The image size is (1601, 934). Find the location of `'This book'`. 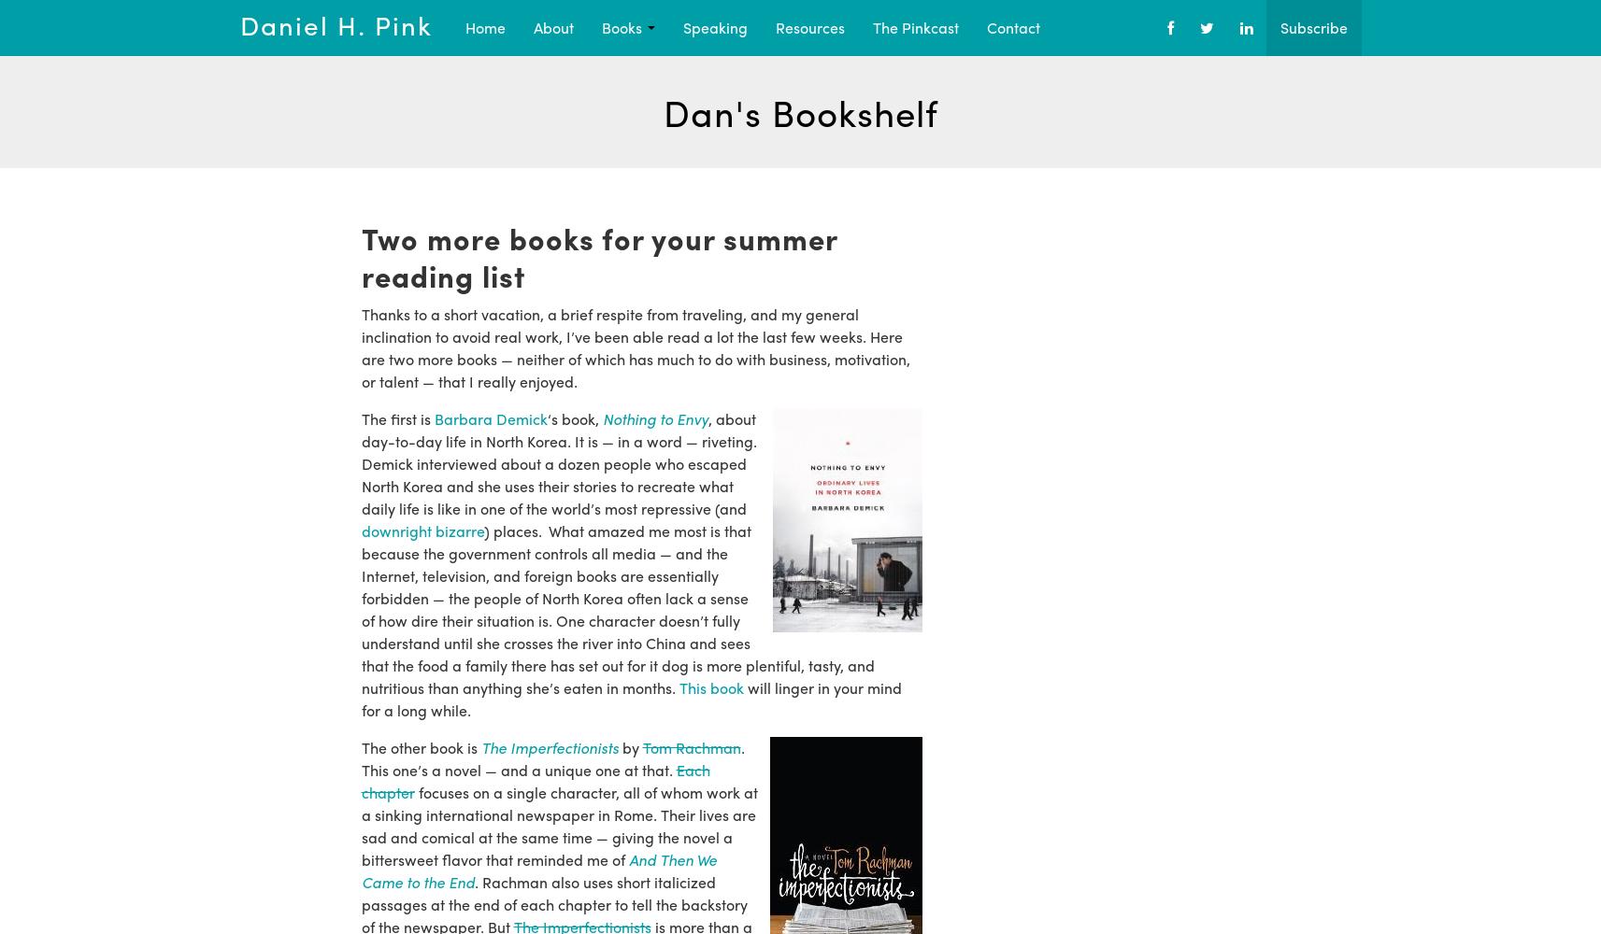

'This book' is located at coordinates (709, 686).